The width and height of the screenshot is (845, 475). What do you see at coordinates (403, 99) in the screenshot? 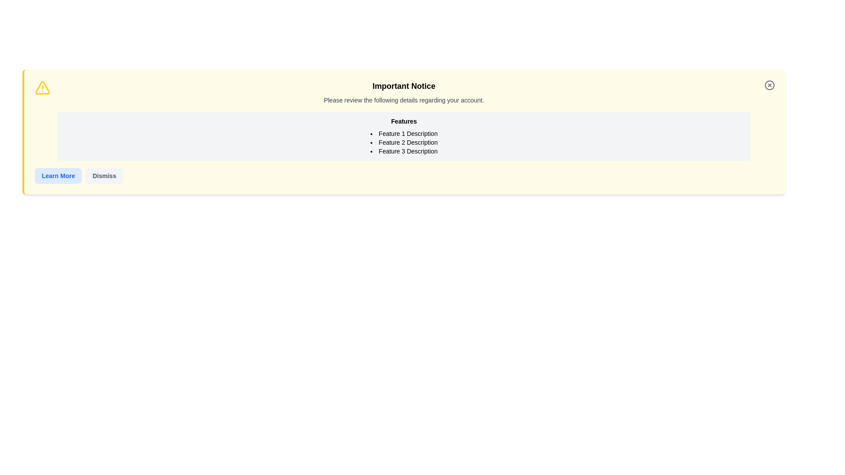
I see `the informational text element prompting users to review their account details, located above the 'Features' section and following the 'Important Notice' heading` at bounding box center [403, 99].